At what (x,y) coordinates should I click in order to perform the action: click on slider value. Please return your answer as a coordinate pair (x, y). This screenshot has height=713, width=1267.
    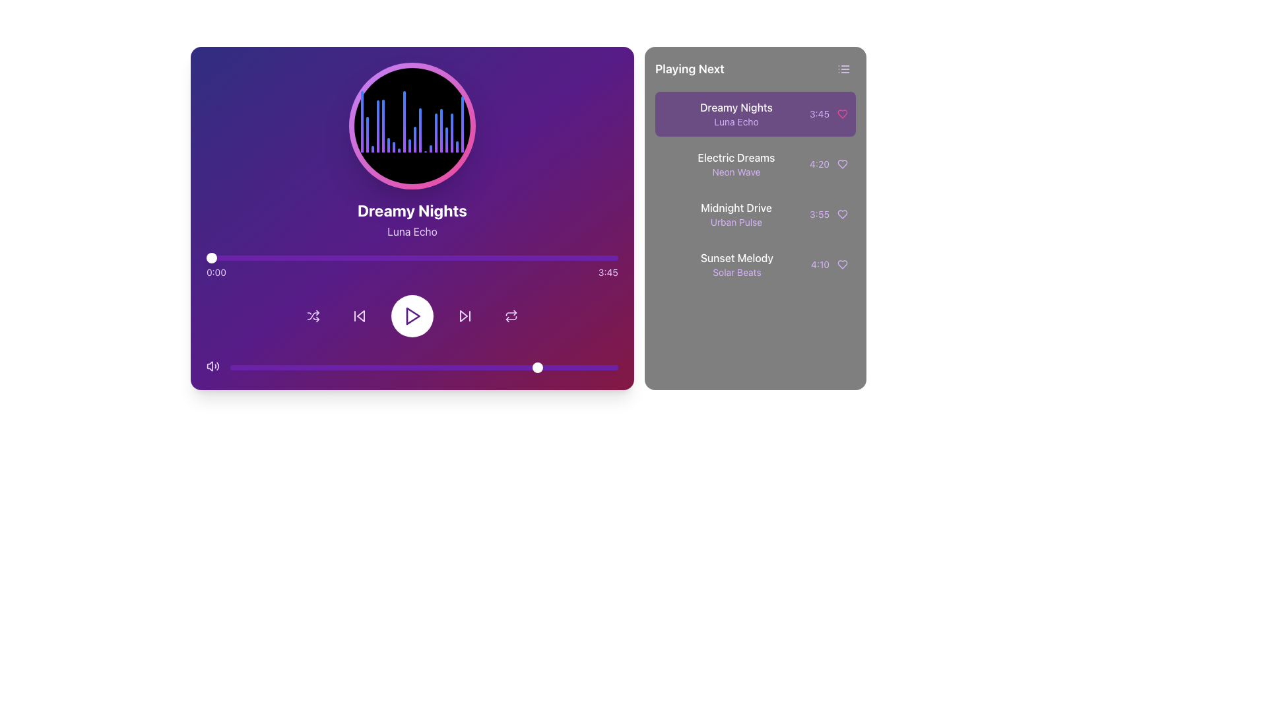
    Looking at the image, I should click on (315, 367).